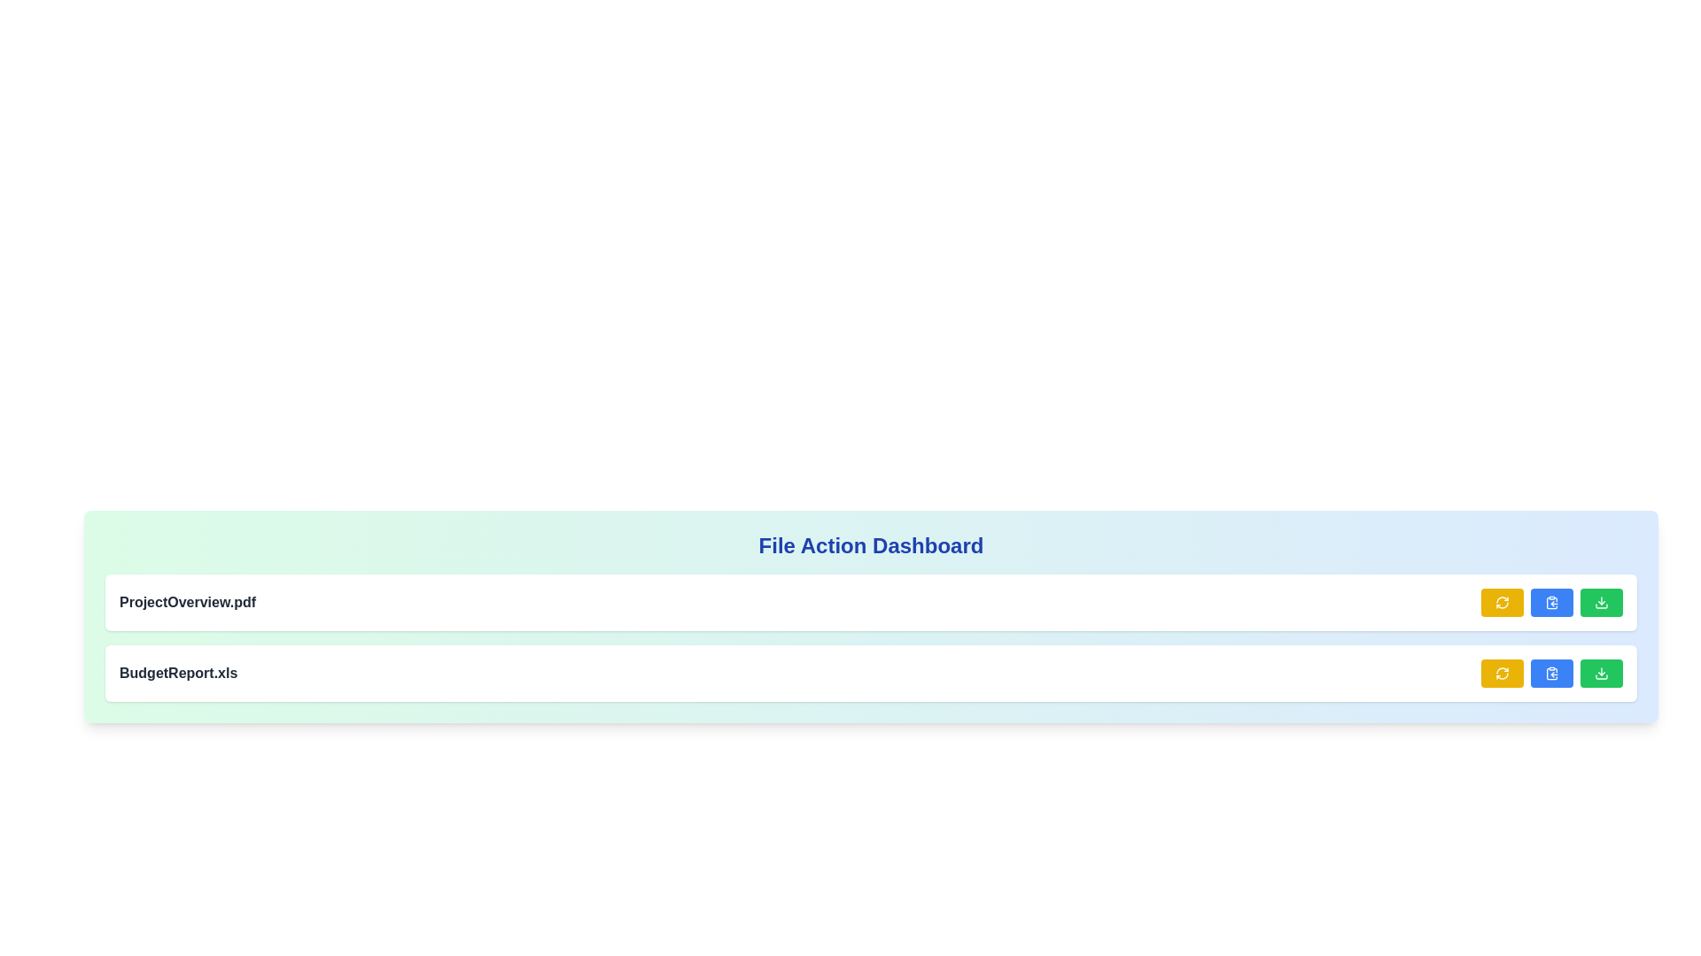 The image size is (1701, 956). What do you see at coordinates (1501, 673) in the screenshot?
I see `the refresh Icon button located on the yellow background` at bounding box center [1501, 673].